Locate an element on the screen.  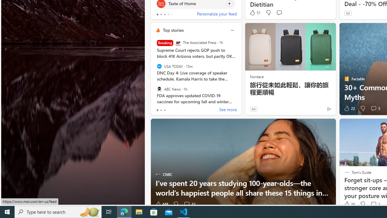
'tab-2' is located at coordinates (164, 110).